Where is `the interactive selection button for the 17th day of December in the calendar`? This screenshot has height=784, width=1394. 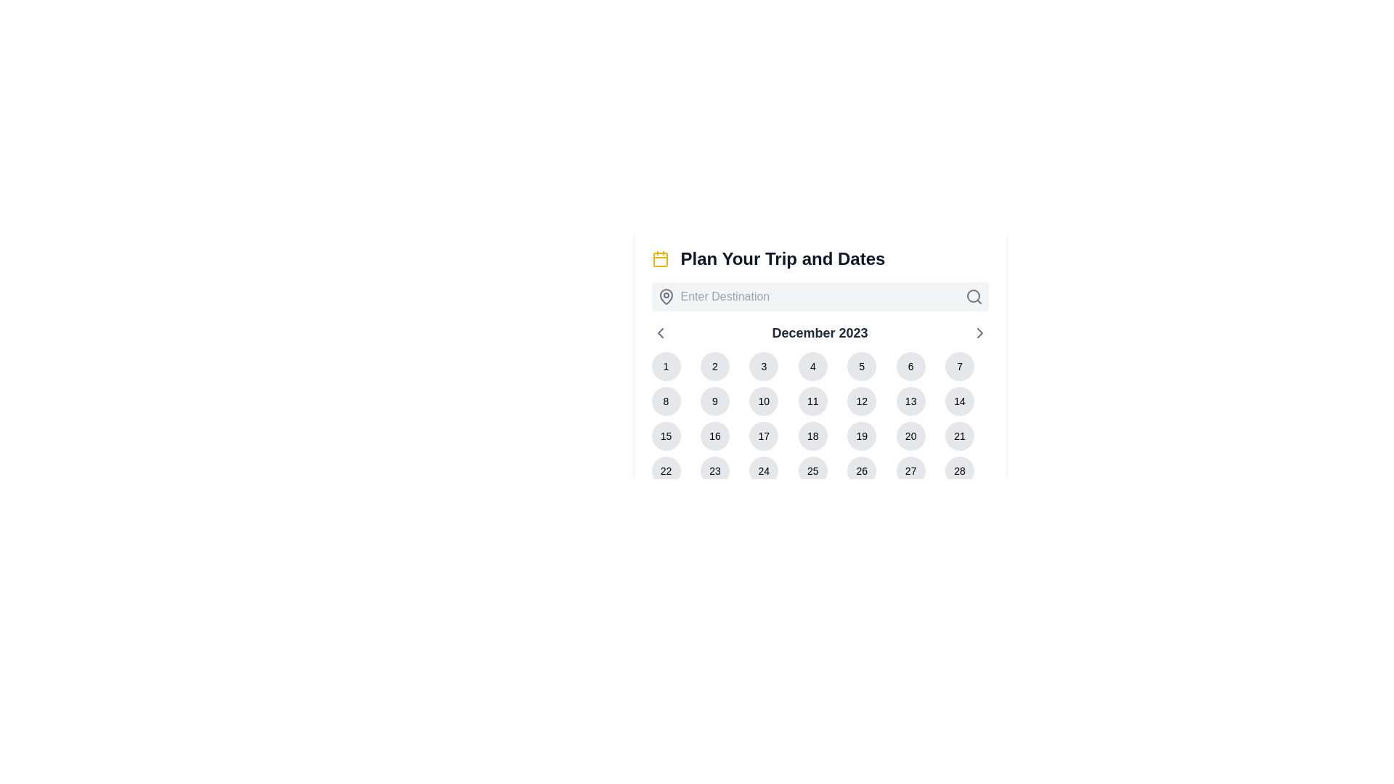 the interactive selection button for the 17th day of December in the calendar is located at coordinates (763, 436).